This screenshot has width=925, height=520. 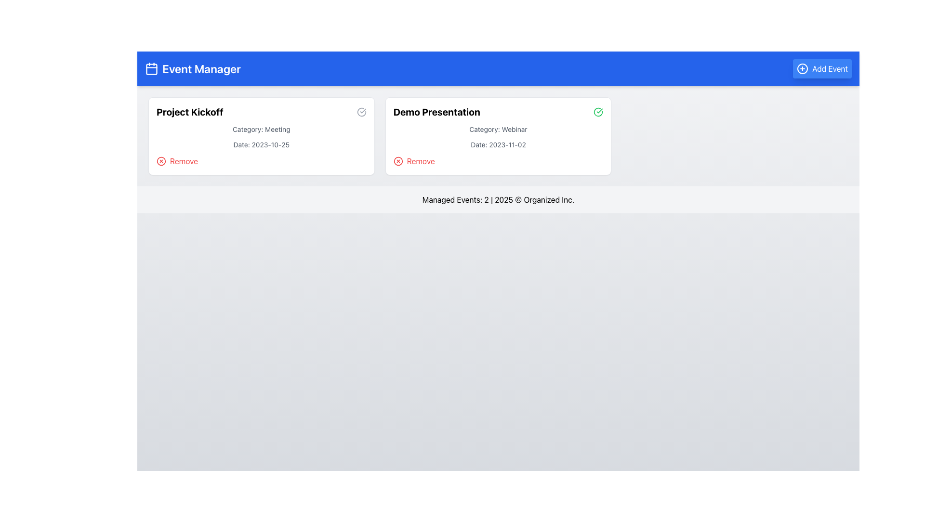 I want to click on the informational text label displaying the scheduled date of the 'Demo Presentation', which is located below 'Category: Webinar' and above the 'Remove' button, so click(x=498, y=144).